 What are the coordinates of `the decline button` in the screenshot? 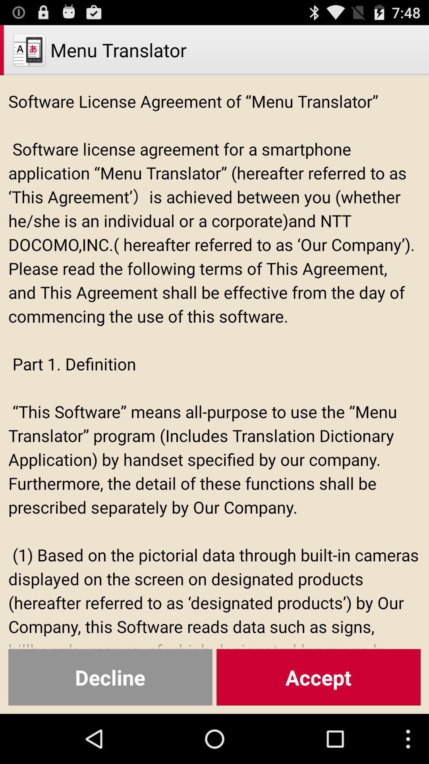 It's located at (110, 677).